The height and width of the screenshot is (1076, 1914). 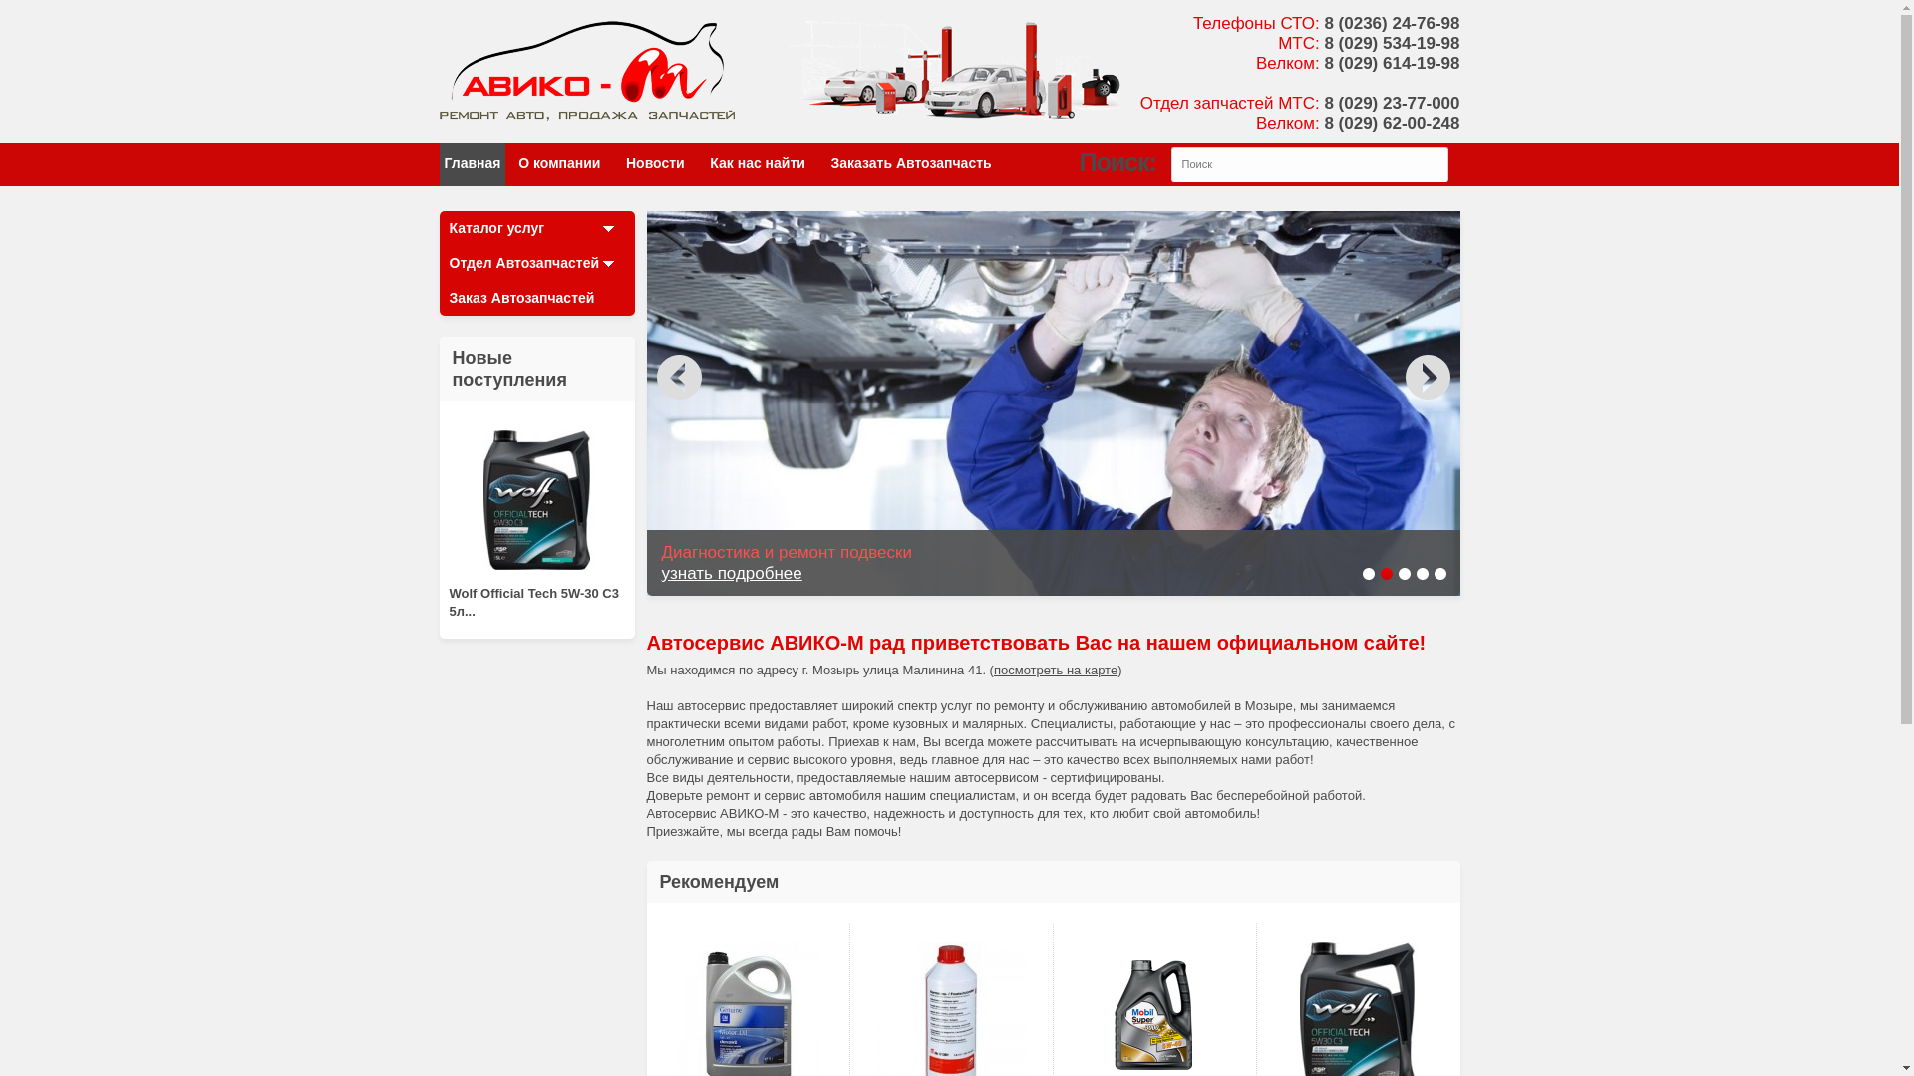 What do you see at coordinates (1367, 573) in the screenshot?
I see `'1'` at bounding box center [1367, 573].